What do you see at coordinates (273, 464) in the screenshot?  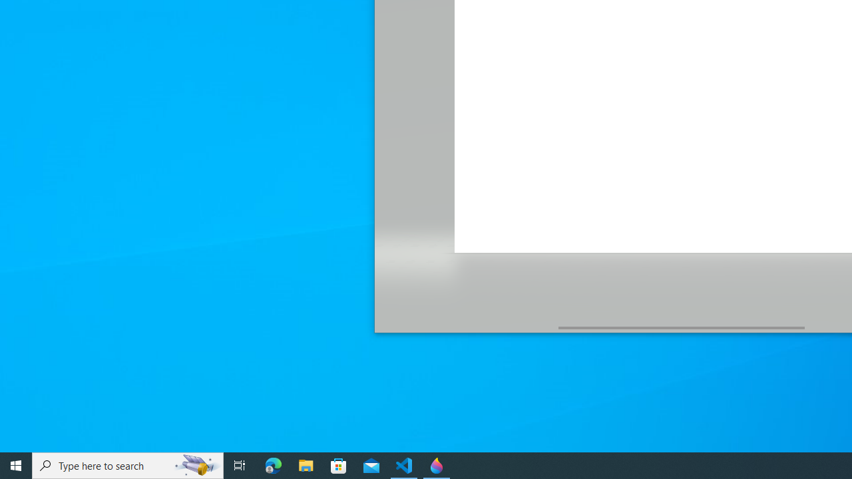 I see `'Microsoft Edge'` at bounding box center [273, 464].